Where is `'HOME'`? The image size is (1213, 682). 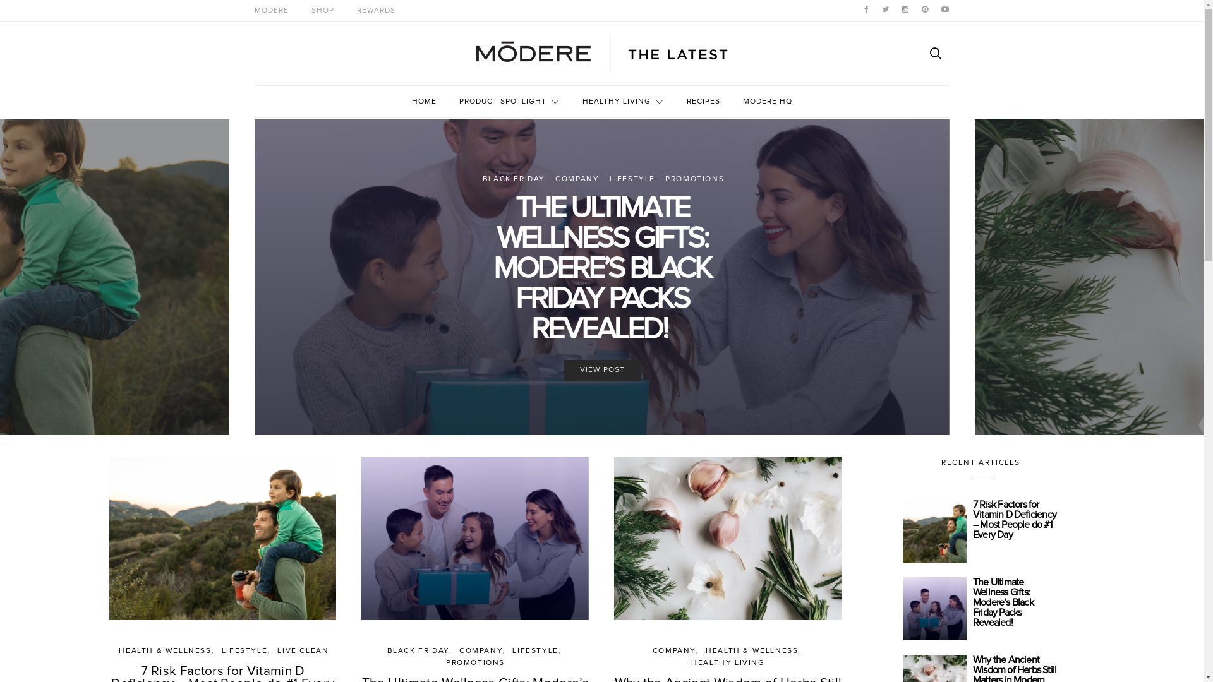
'HOME' is located at coordinates (412, 101).